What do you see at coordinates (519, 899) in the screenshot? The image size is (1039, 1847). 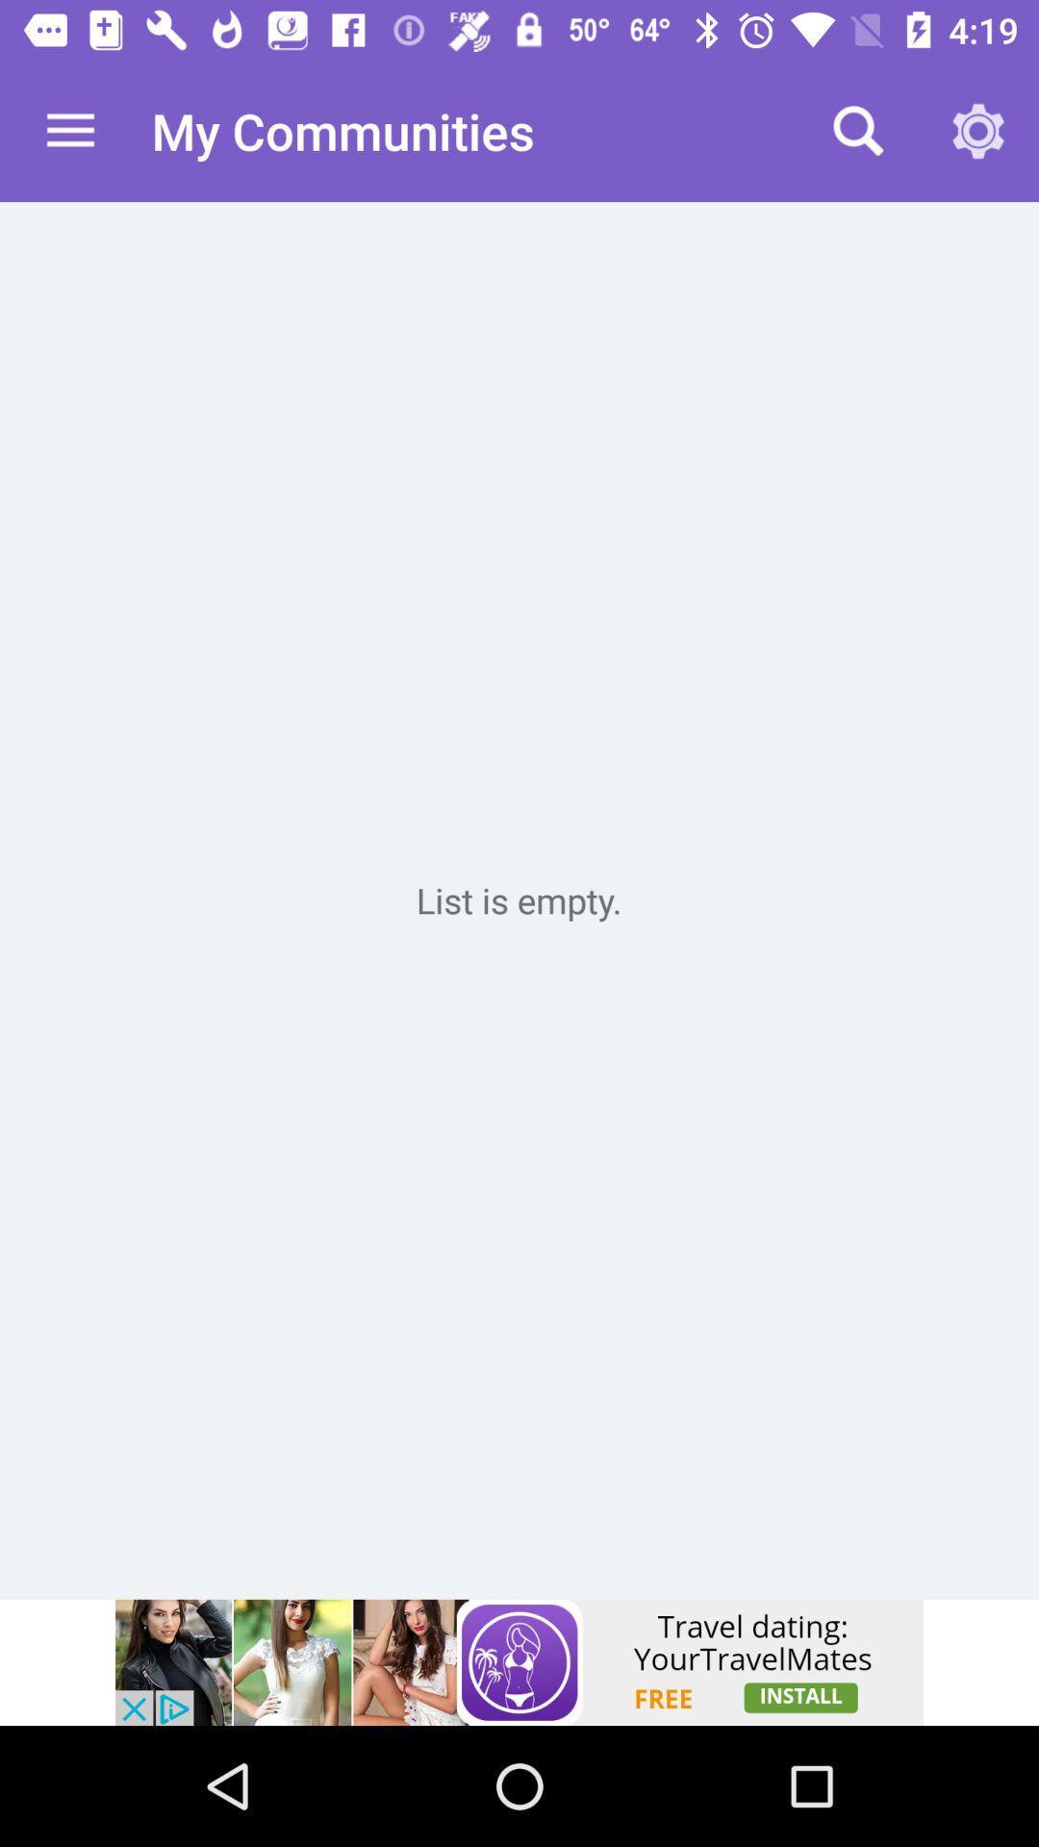 I see `new tab page` at bounding box center [519, 899].